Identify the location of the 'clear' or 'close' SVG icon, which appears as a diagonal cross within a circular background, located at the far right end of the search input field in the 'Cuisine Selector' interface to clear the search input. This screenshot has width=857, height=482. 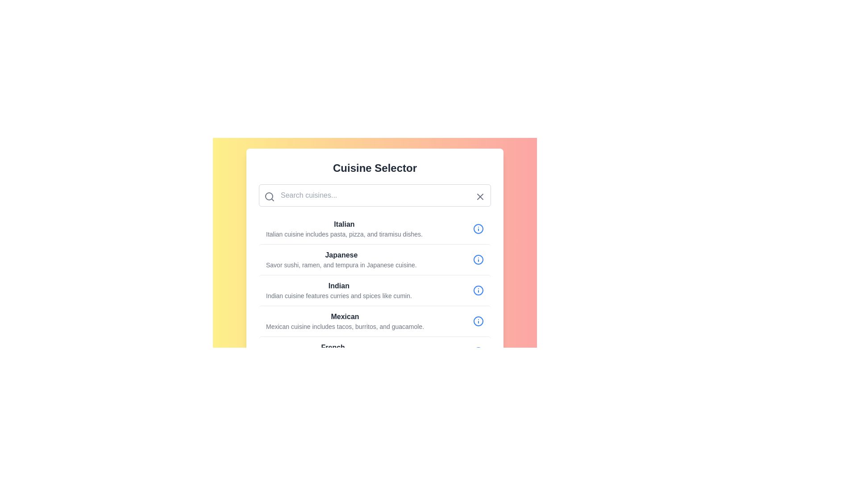
(479, 196).